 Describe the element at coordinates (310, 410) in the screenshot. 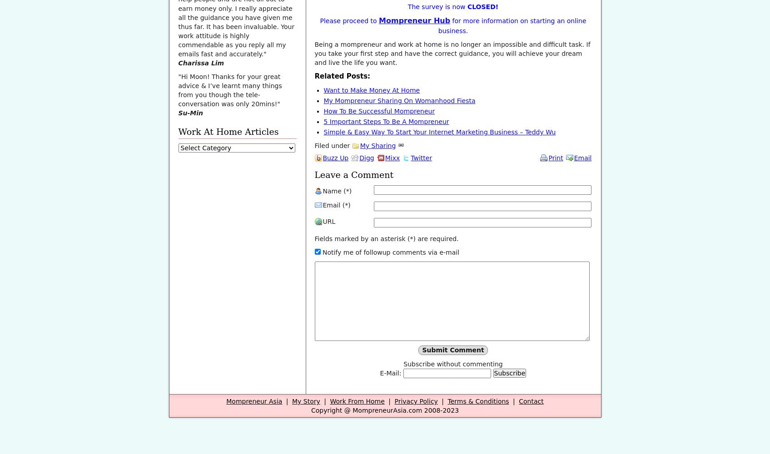

I see `'Copyright @ MompreneurAsia.com 2008-2023'` at that location.